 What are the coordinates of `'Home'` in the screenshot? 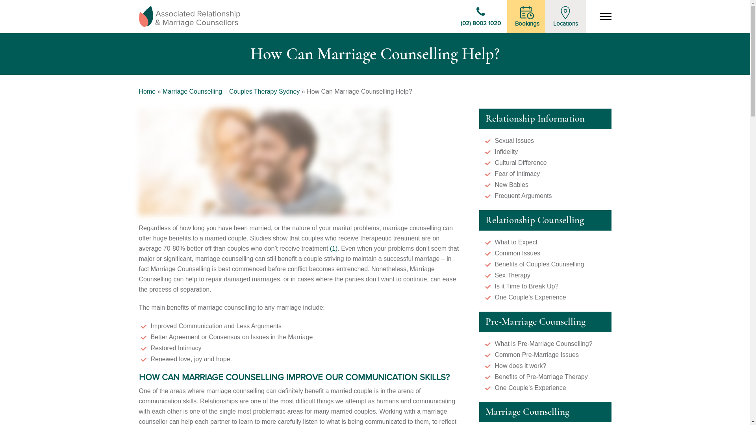 It's located at (138, 91).